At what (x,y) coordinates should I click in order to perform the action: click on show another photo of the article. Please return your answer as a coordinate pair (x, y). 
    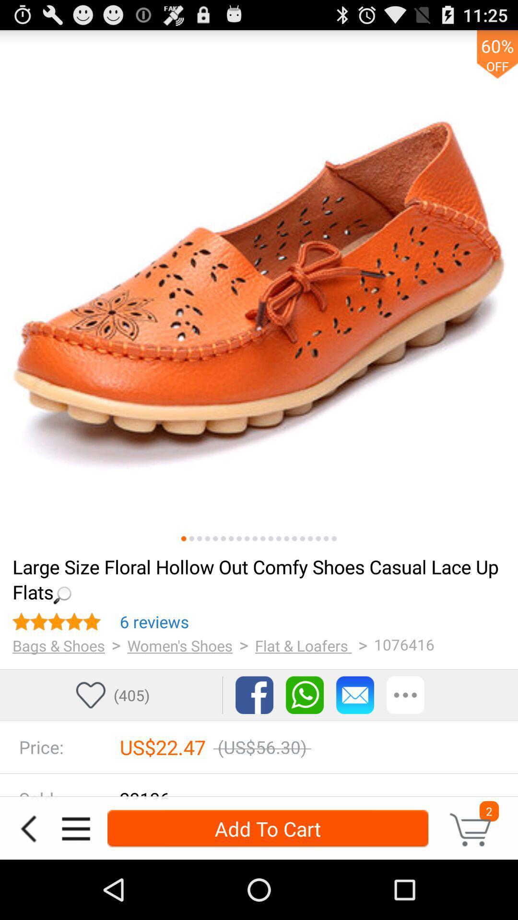
    Looking at the image, I should click on (318, 539).